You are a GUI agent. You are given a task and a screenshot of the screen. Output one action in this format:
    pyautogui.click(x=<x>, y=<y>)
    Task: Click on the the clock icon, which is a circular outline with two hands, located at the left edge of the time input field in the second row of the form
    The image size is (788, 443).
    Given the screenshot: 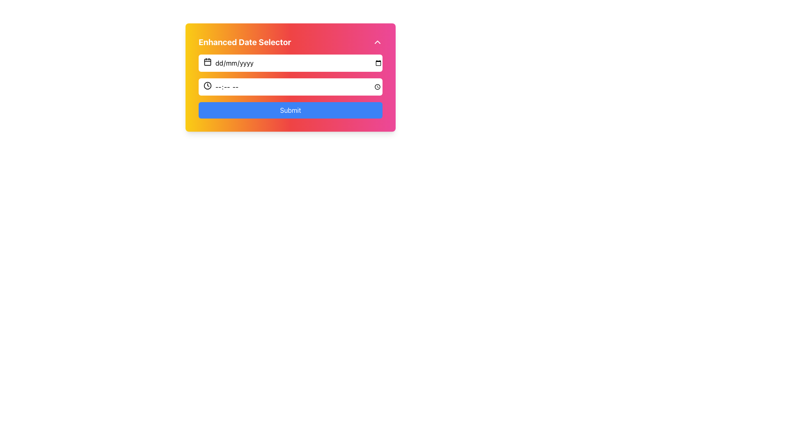 What is the action you would take?
    pyautogui.click(x=207, y=85)
    